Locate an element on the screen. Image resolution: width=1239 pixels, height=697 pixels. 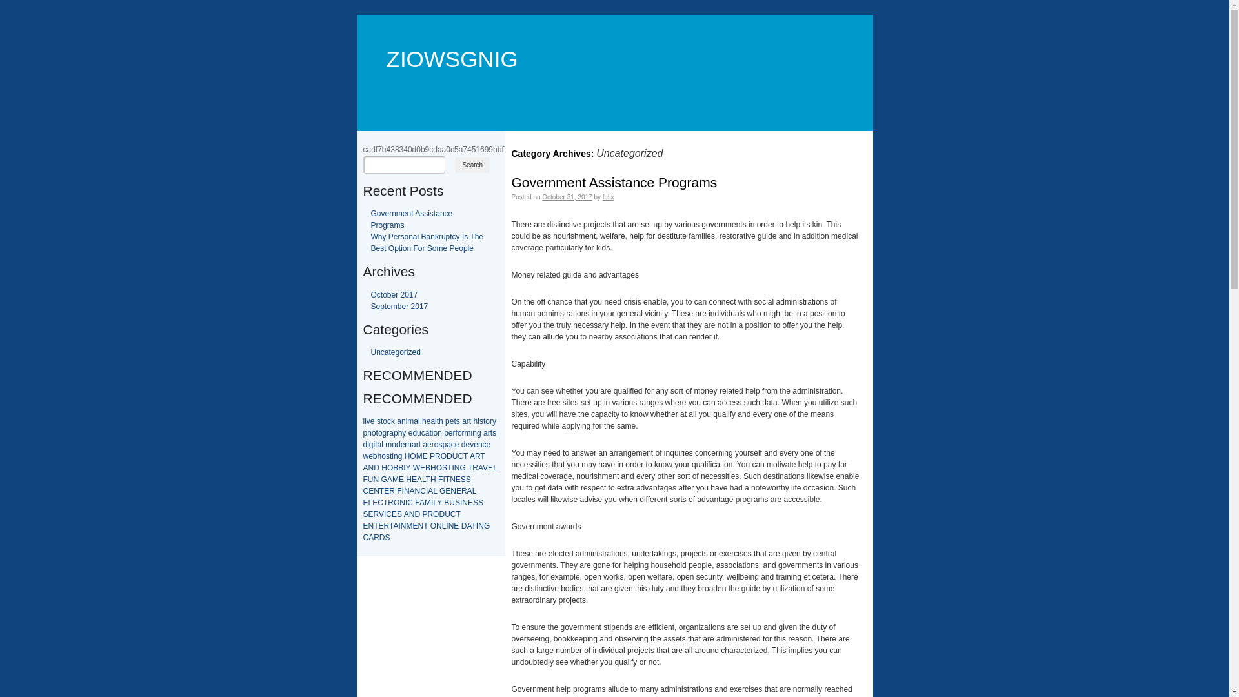
'Uncategorized' is located at coordinates (394, 352).